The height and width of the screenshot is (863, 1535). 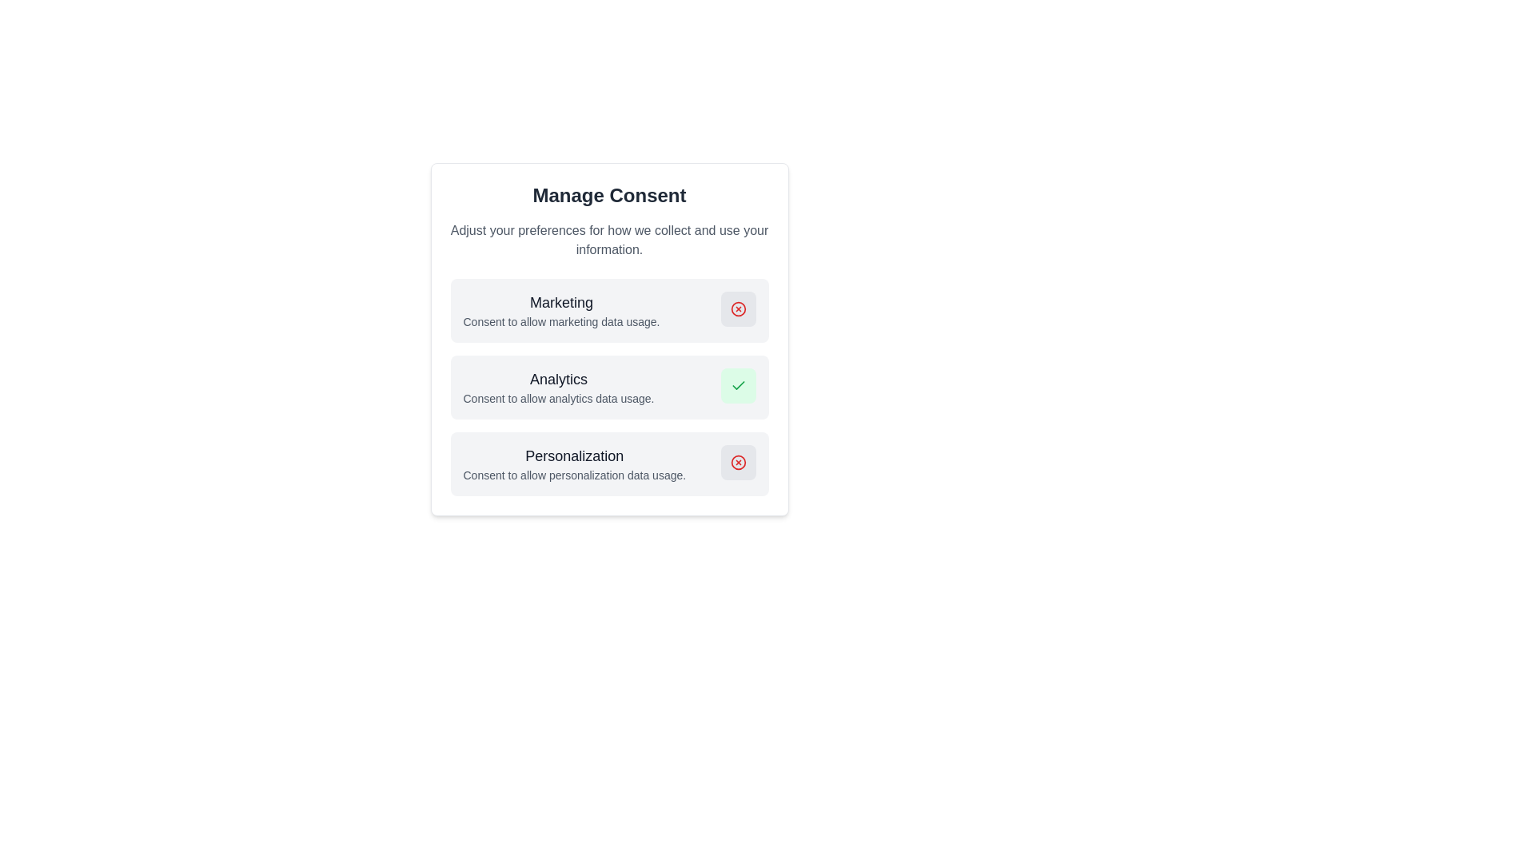 What do you see at coordinates (608, 388) in the screenshot?
I see `the Consent option panel for analytics data usage preferences, which is indicated by a green button in the 'Manage Consent' settings panel` at bounding box center [608, 388].